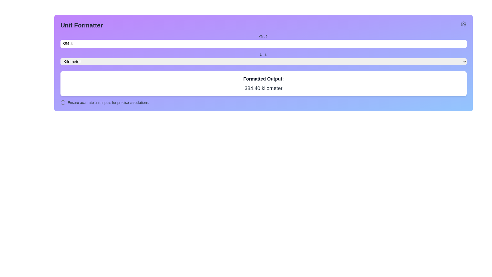 The height and width of the screenshot is (277, 492). What do you see at coordinates (263, 36) in the screenshot?
I see `the text label that serves as a description for the adjacent number input field, located directly above it and aligned to the leftmost boundary of the interface` at bounding box center [263, 36].